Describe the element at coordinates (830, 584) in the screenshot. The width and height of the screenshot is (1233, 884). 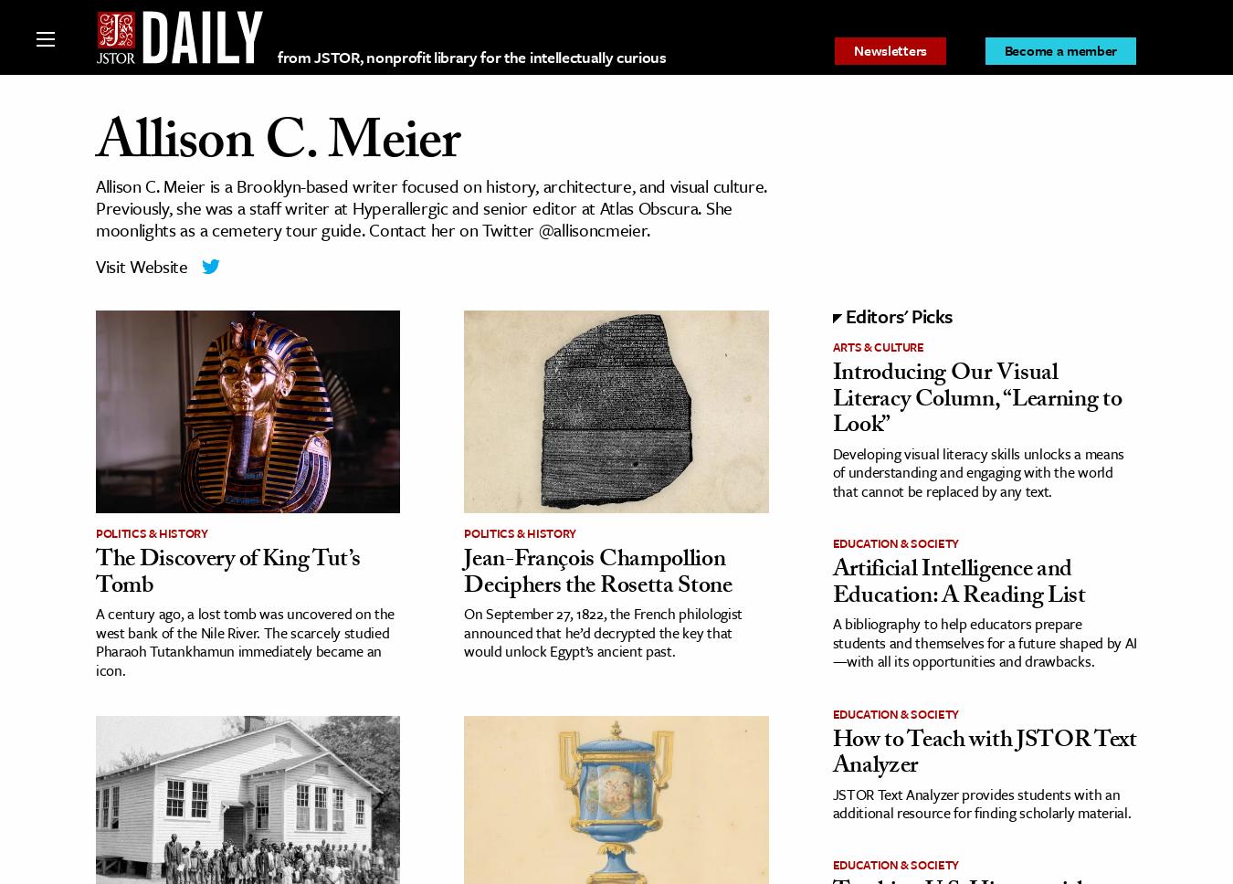
I see `'Artificial Intelligence and Education: A Reading List'` at that location.